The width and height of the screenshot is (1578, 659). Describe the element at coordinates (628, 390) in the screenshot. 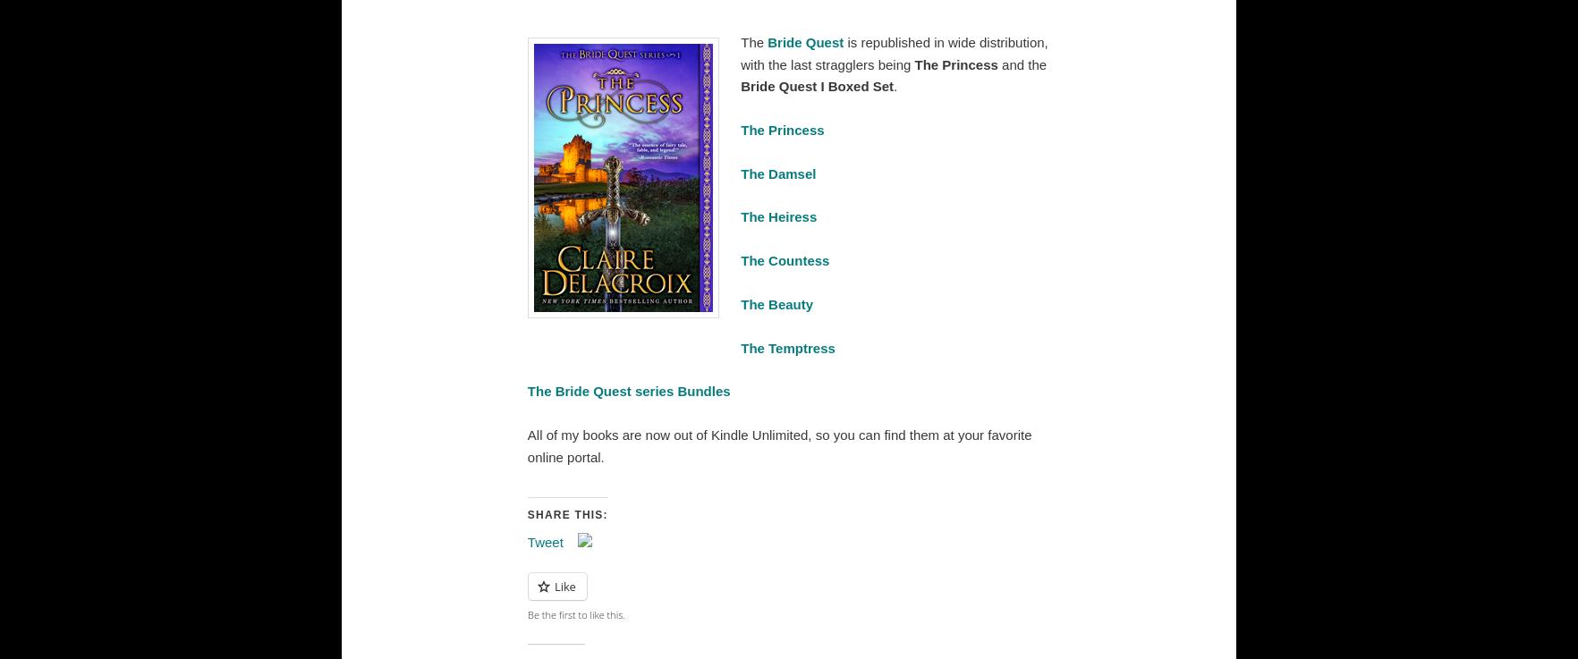

I see `'The Bride Quest series Bundles'` at that location.